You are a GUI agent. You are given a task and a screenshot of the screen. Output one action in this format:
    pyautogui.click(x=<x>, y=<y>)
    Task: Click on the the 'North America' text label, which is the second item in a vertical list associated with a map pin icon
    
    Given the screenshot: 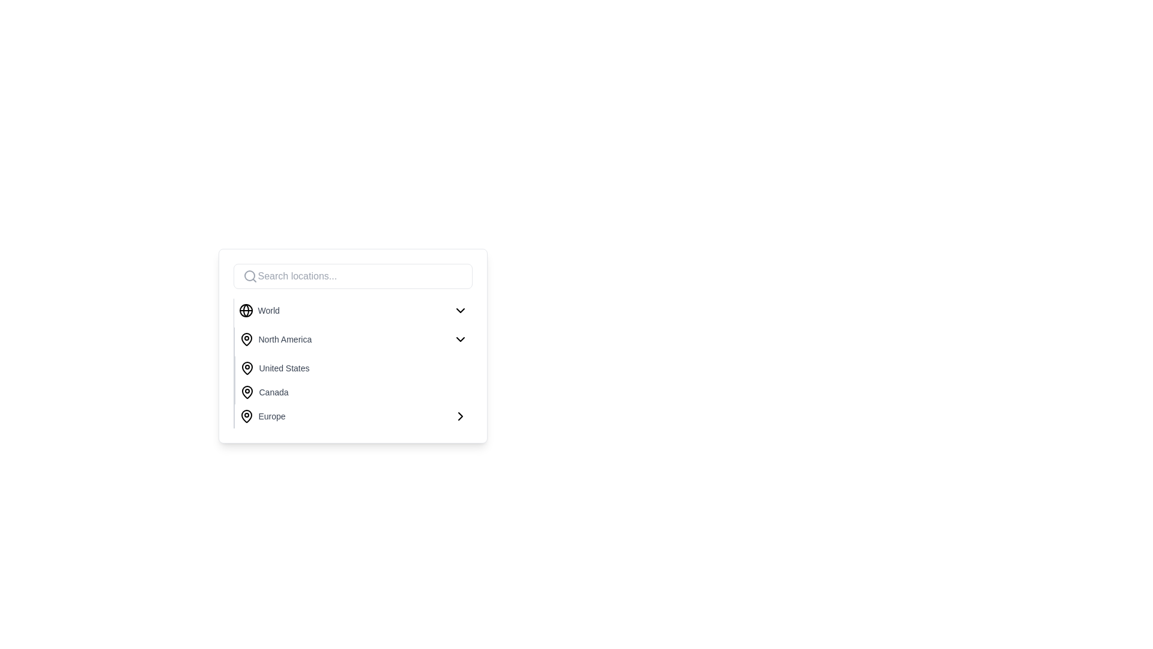 What is the action you would take?
    pyautogui.click(x=284, y=339)
    